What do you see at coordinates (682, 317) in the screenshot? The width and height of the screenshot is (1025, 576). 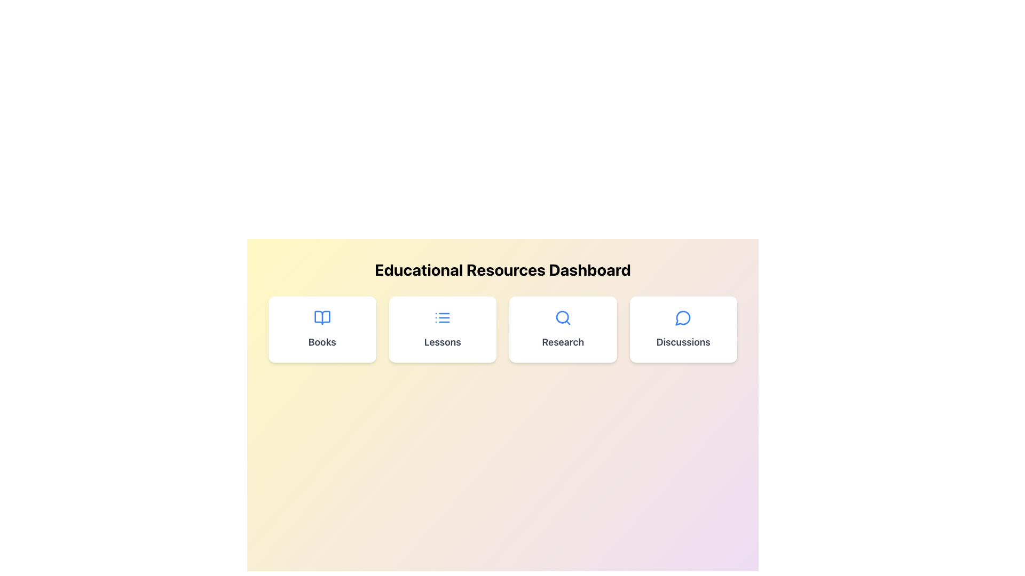 I see `the speech bubble icon, which is a solid blue graphical representation located in the 'Discussions' section of the dashboard` at bounding box center [682, 317].